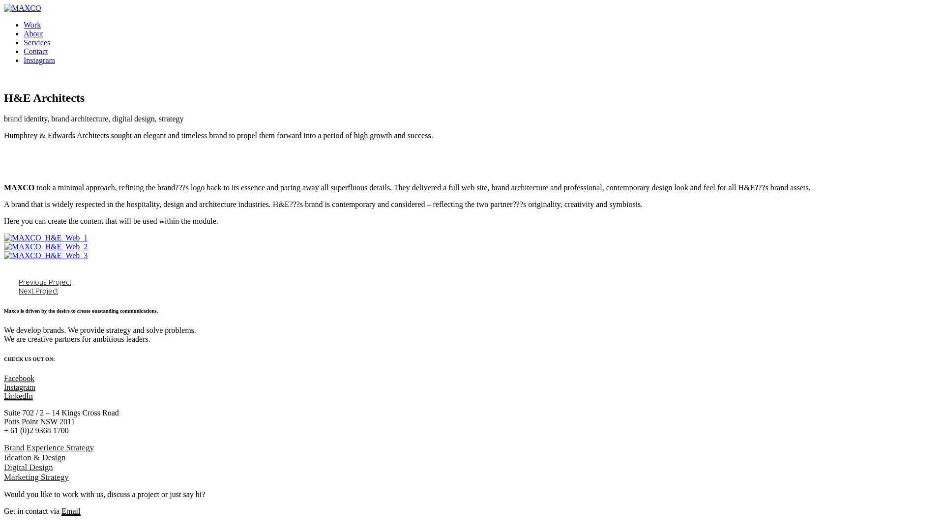 The width and height of the screenshot is (944, 531). What do you see at coordinates (38, 290) in the screenshot?
I see `'Next Project'` at bounding box center [38, 290].